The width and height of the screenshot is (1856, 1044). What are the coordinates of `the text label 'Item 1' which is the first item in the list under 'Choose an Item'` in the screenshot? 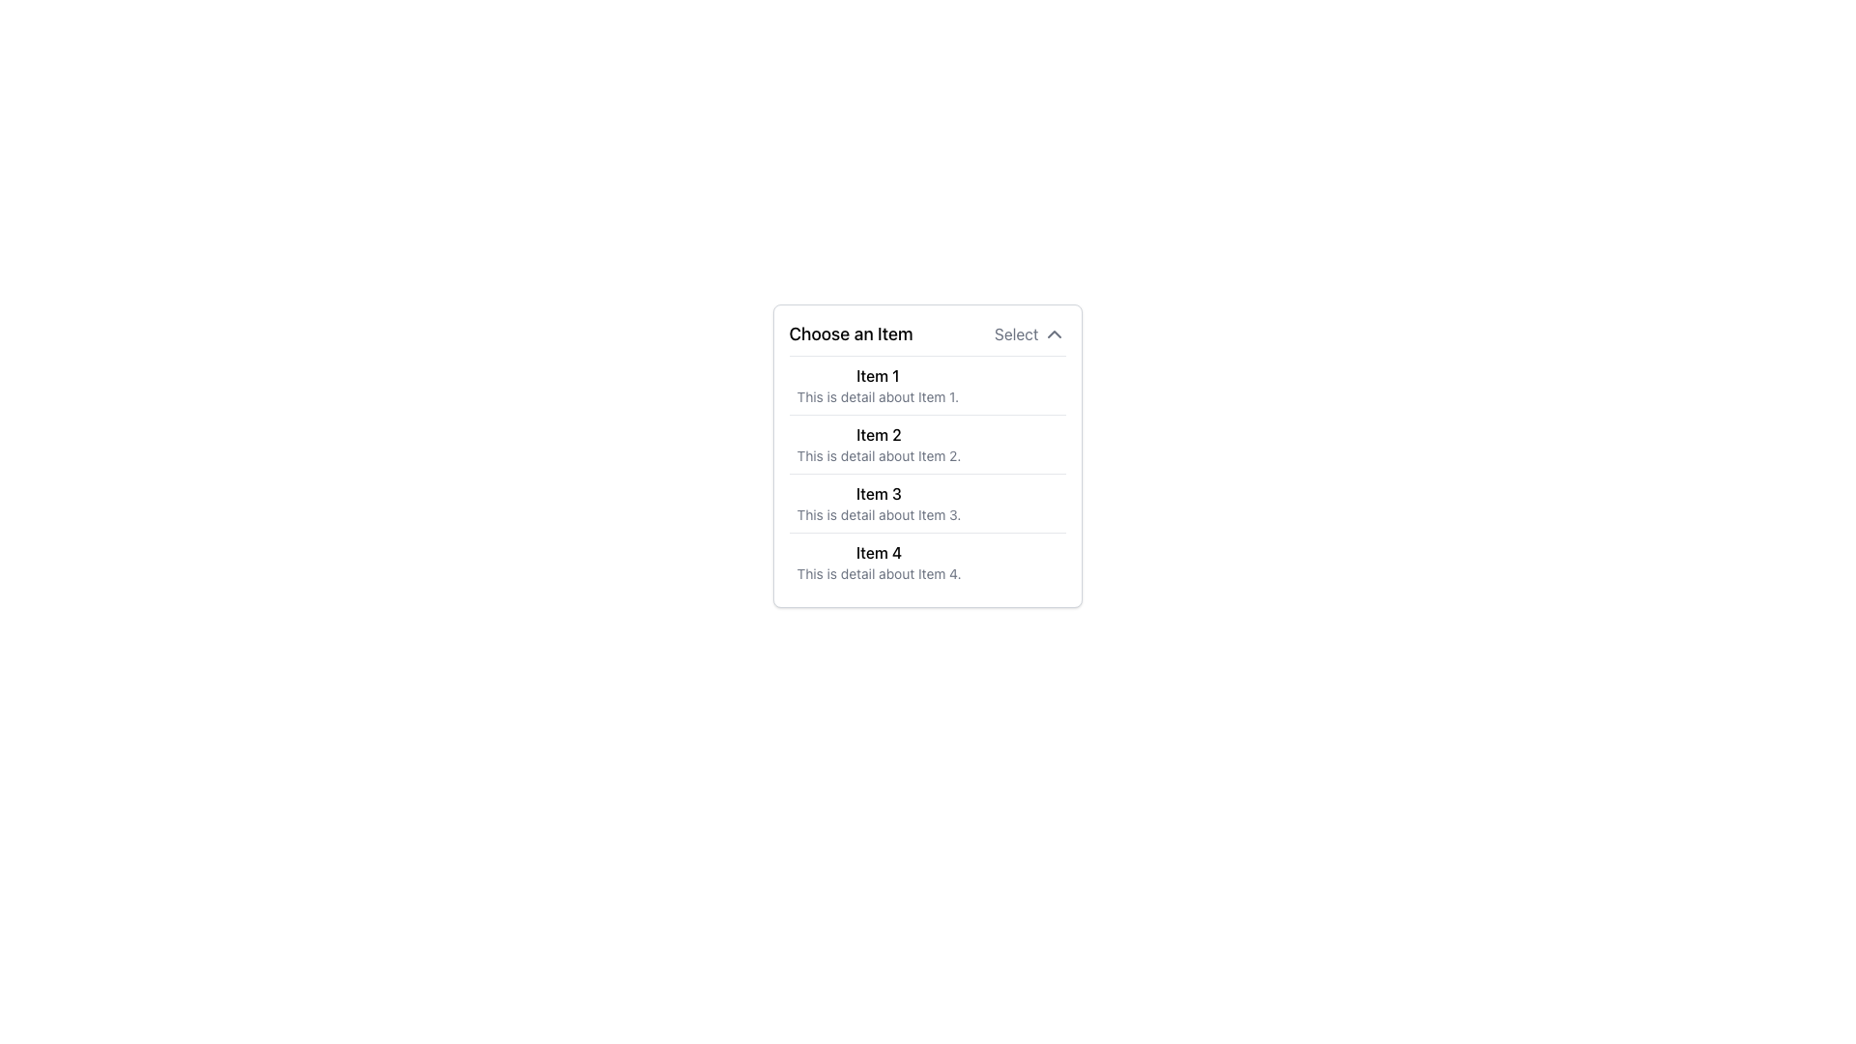 It's located at (877, 376).